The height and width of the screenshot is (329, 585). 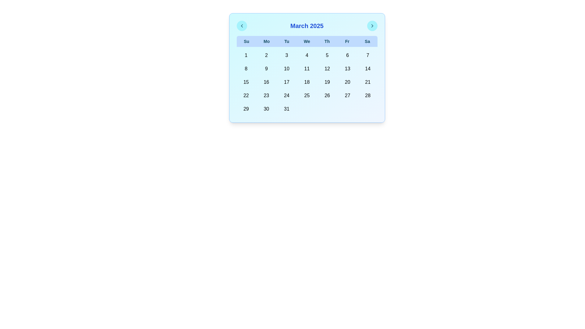 I want to click on the clickable calendar date box displaying the number 6, located under the 'Fr' column, so click(x=347, y=55).